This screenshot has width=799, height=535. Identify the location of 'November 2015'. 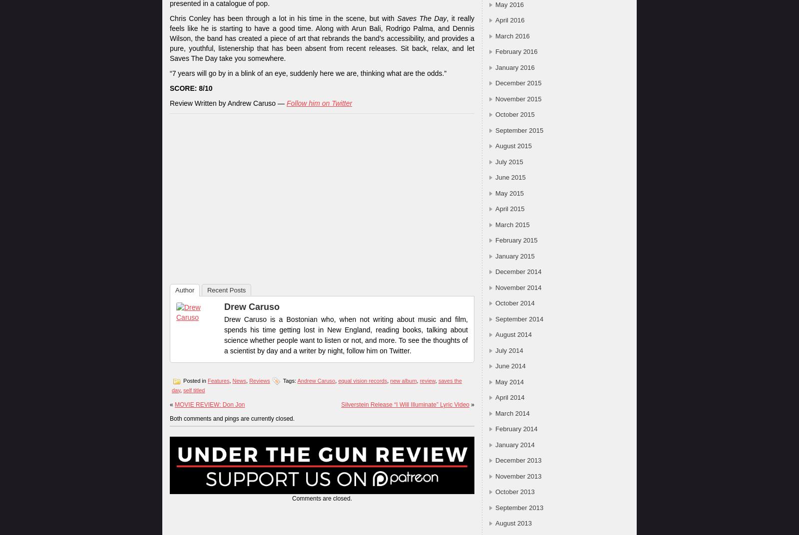
(518, 98).